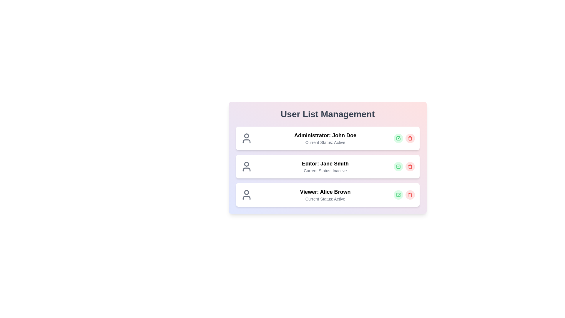 This screenshot has width=565, height=318. What do you see at coordinates (398, 195) in the screenshot?
I see `the circular green button with a checkmark symbol located to the left of the red trash icon for user 'Viewer: Alice Brown'` at bounding box center [398, 195].